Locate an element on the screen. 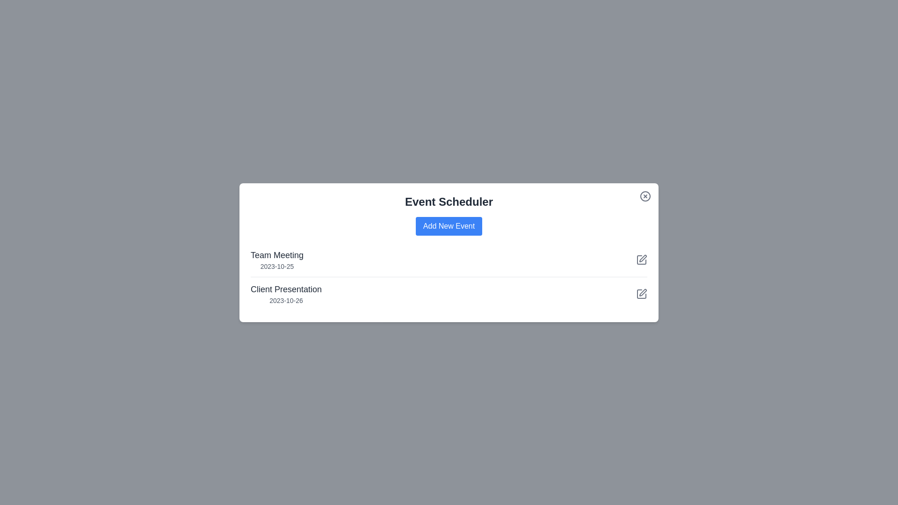 The height and width of the screenshot is (505, 898). the 'Team Meeting' label, which is the topmost event in the list under the 'Event Scheduler' heading is located at coordinates (276, 260).